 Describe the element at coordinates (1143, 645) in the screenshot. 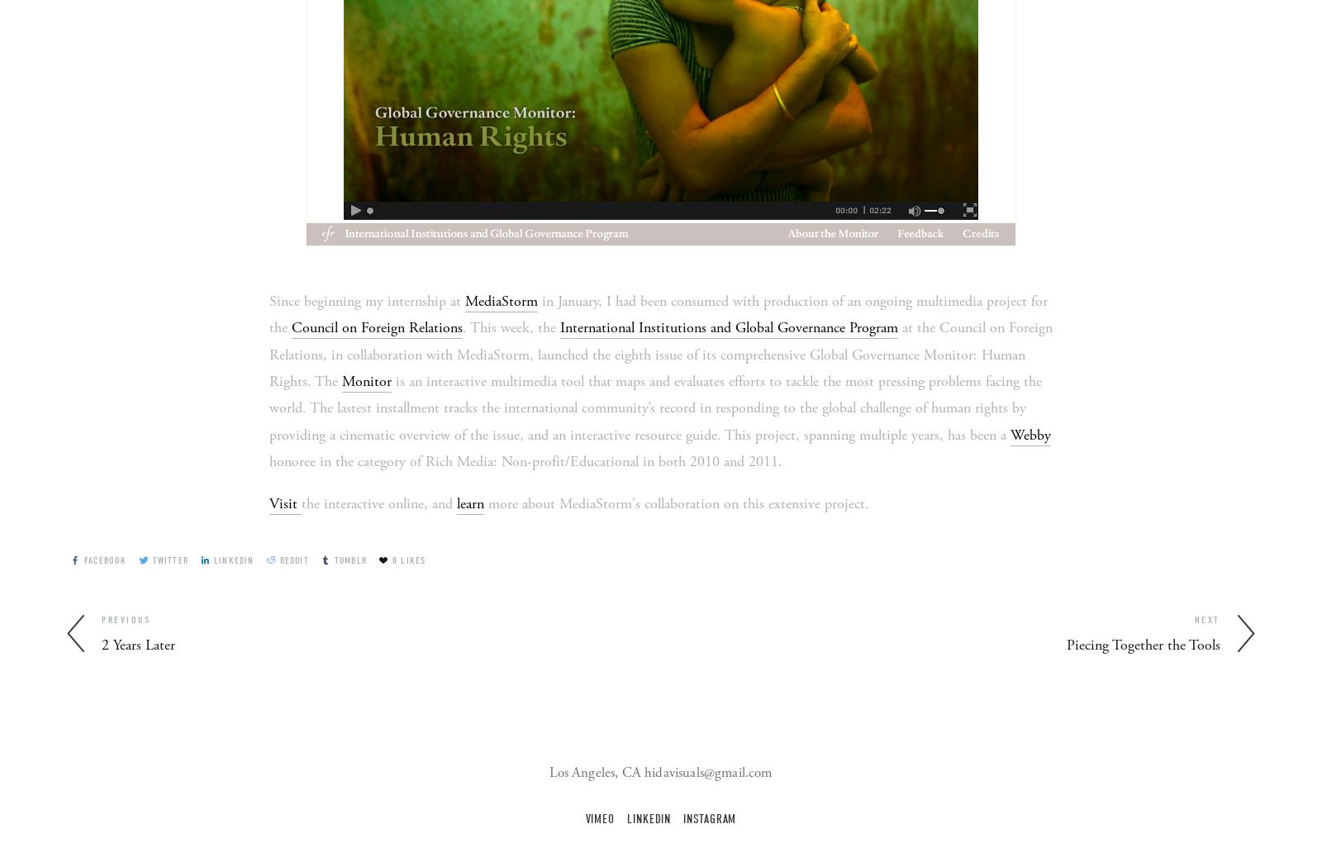

I see `'Piecing Together the Tools'` at that location.